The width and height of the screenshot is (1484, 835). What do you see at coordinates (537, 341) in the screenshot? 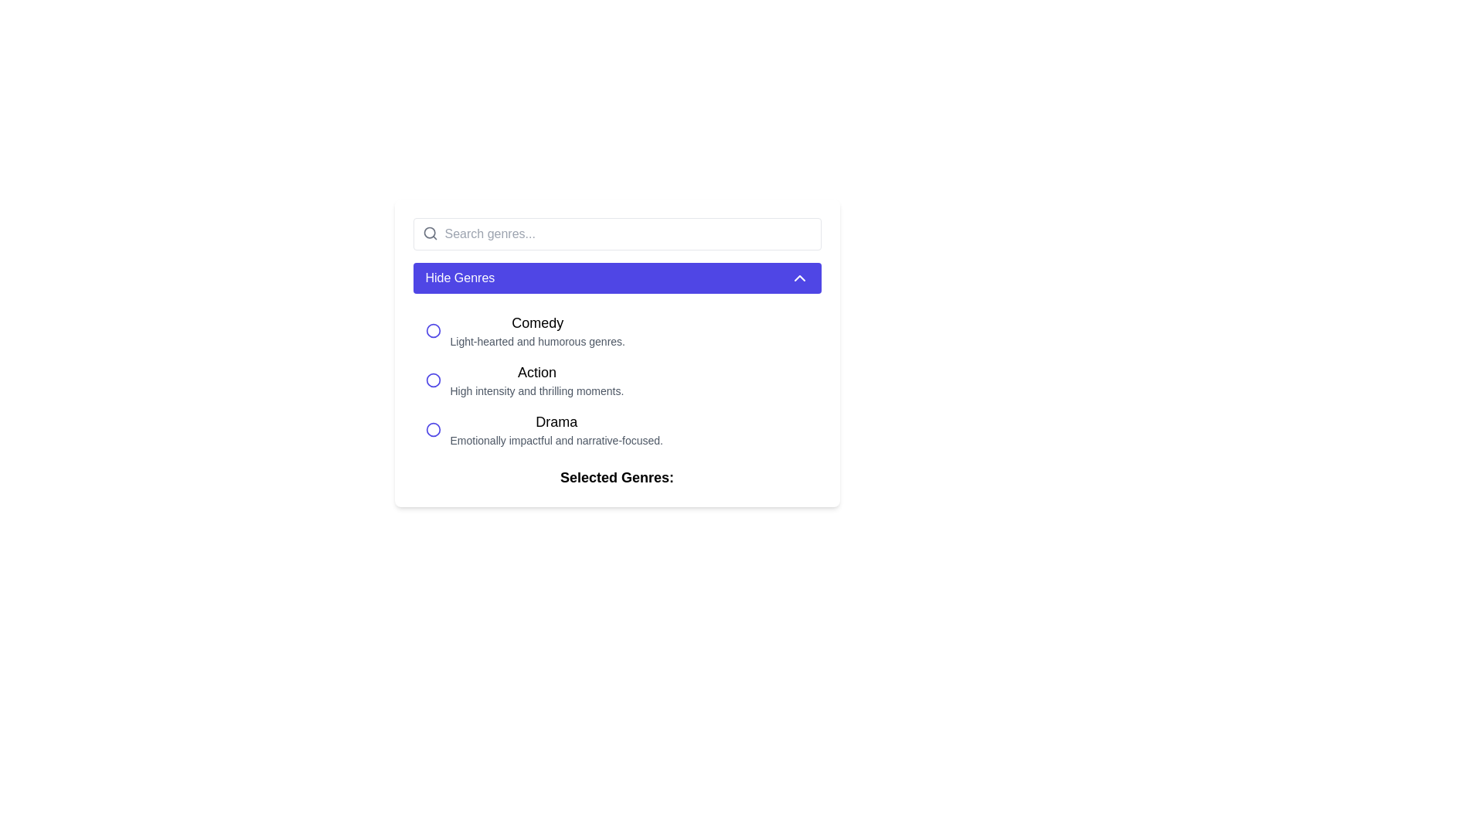
I see `the text label displaying 'Light-hearted and humorous genres.' which is located directly below the 'Comedy' title in the UI` at bounding box center [537, 341].